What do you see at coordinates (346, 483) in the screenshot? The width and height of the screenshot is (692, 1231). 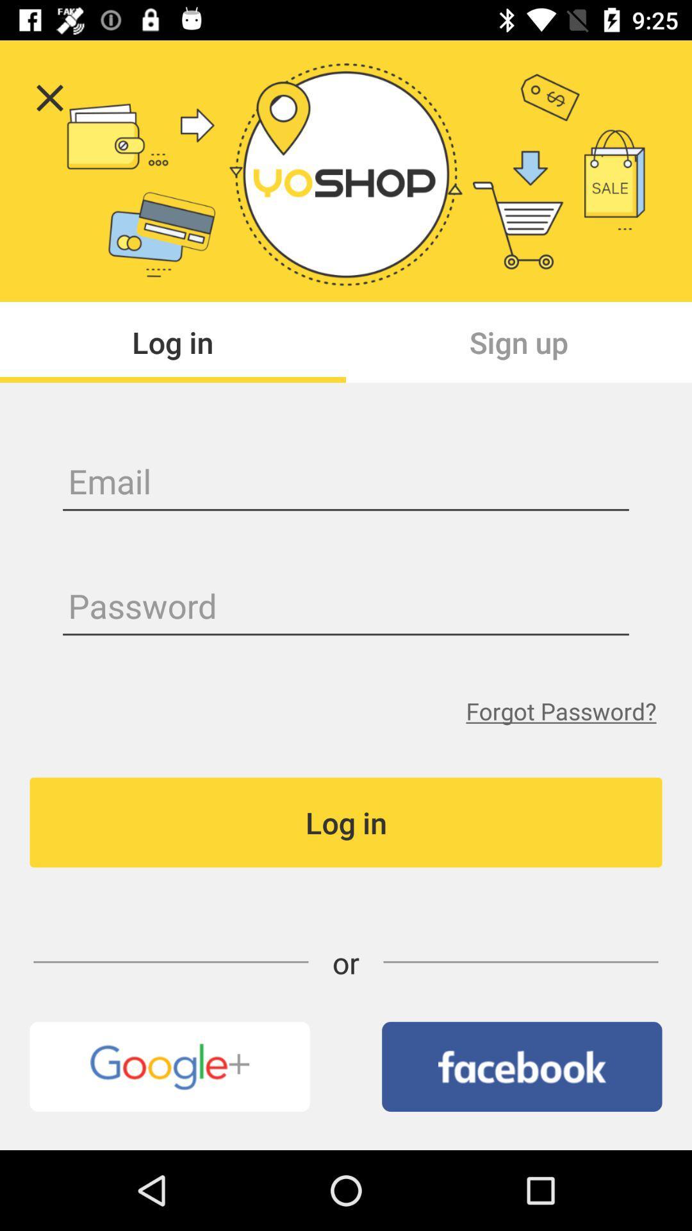 I see `your email` at bounding box center [346, 483].